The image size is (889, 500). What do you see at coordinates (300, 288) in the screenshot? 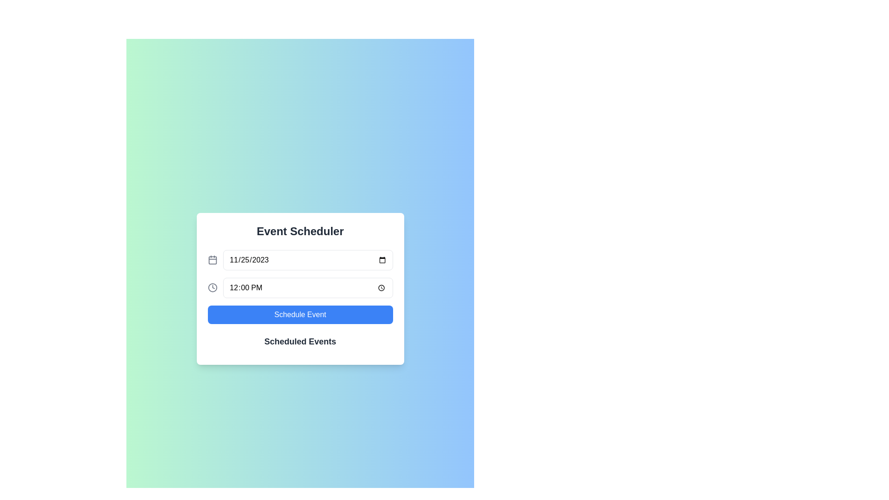
I see `within the scheduler interface element` at bounding box center [300, 288].